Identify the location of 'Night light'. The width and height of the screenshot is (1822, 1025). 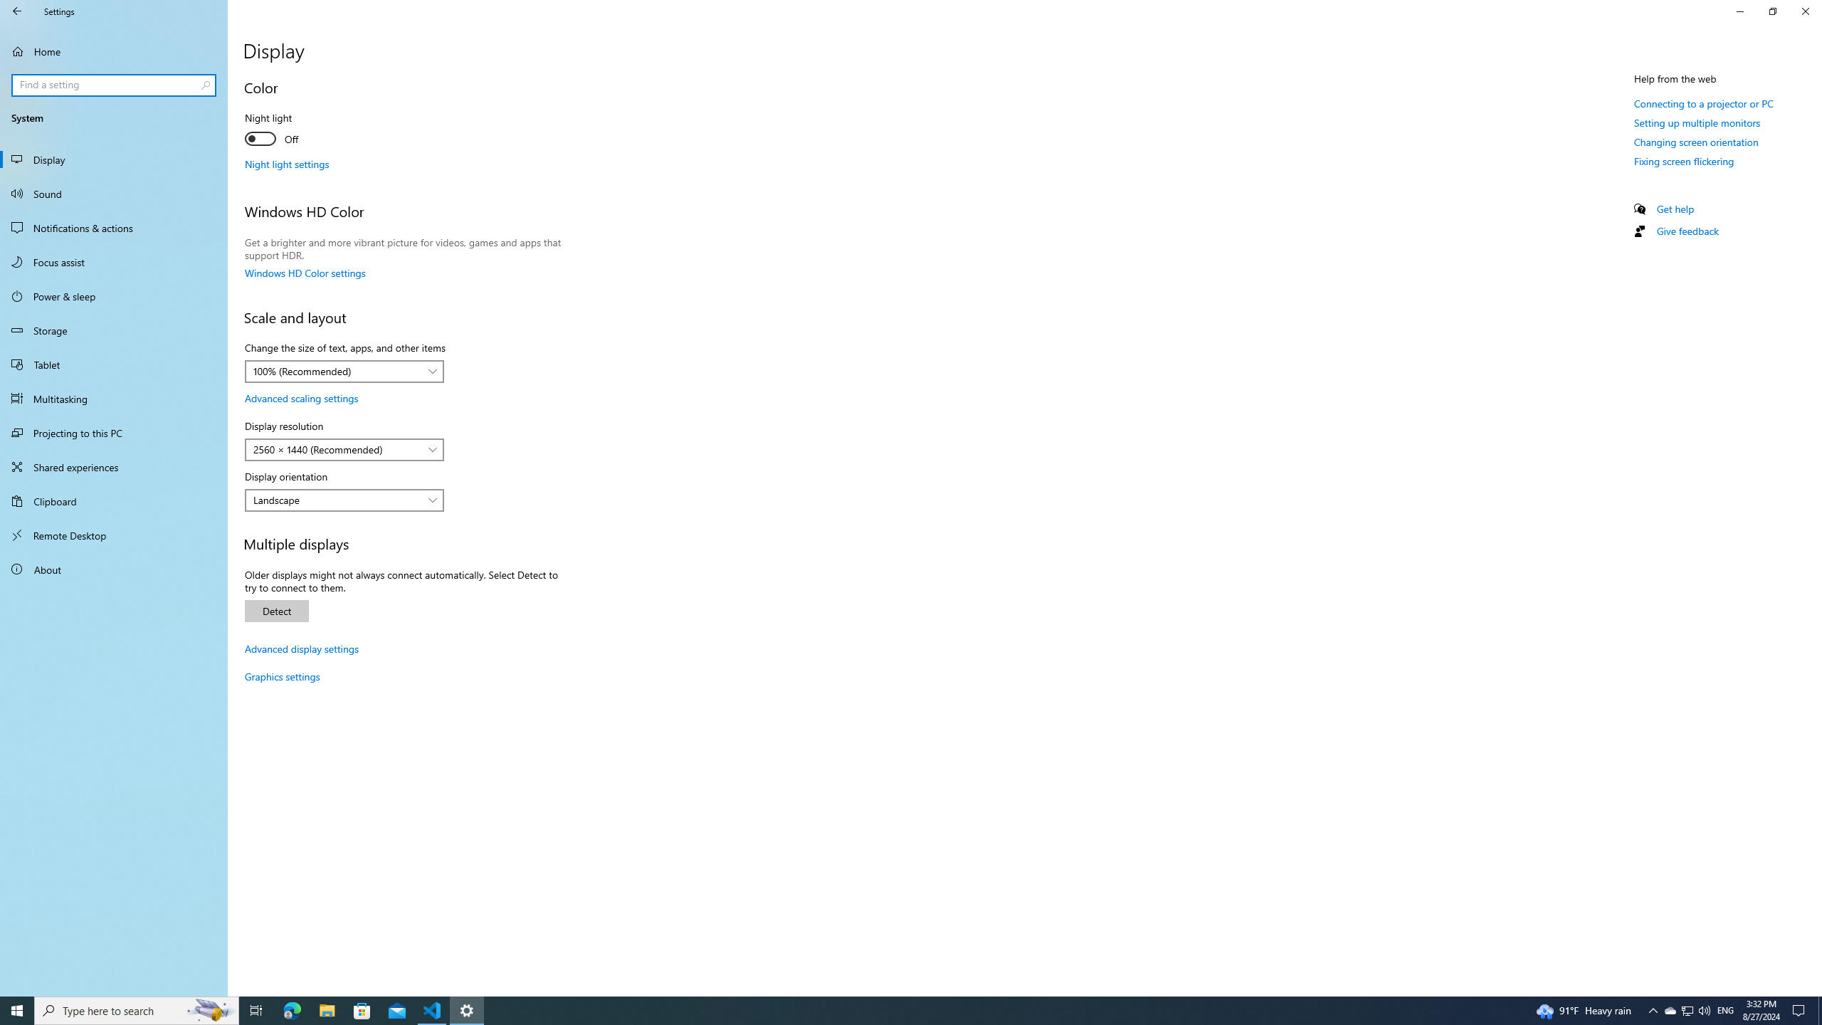
(296, 130).